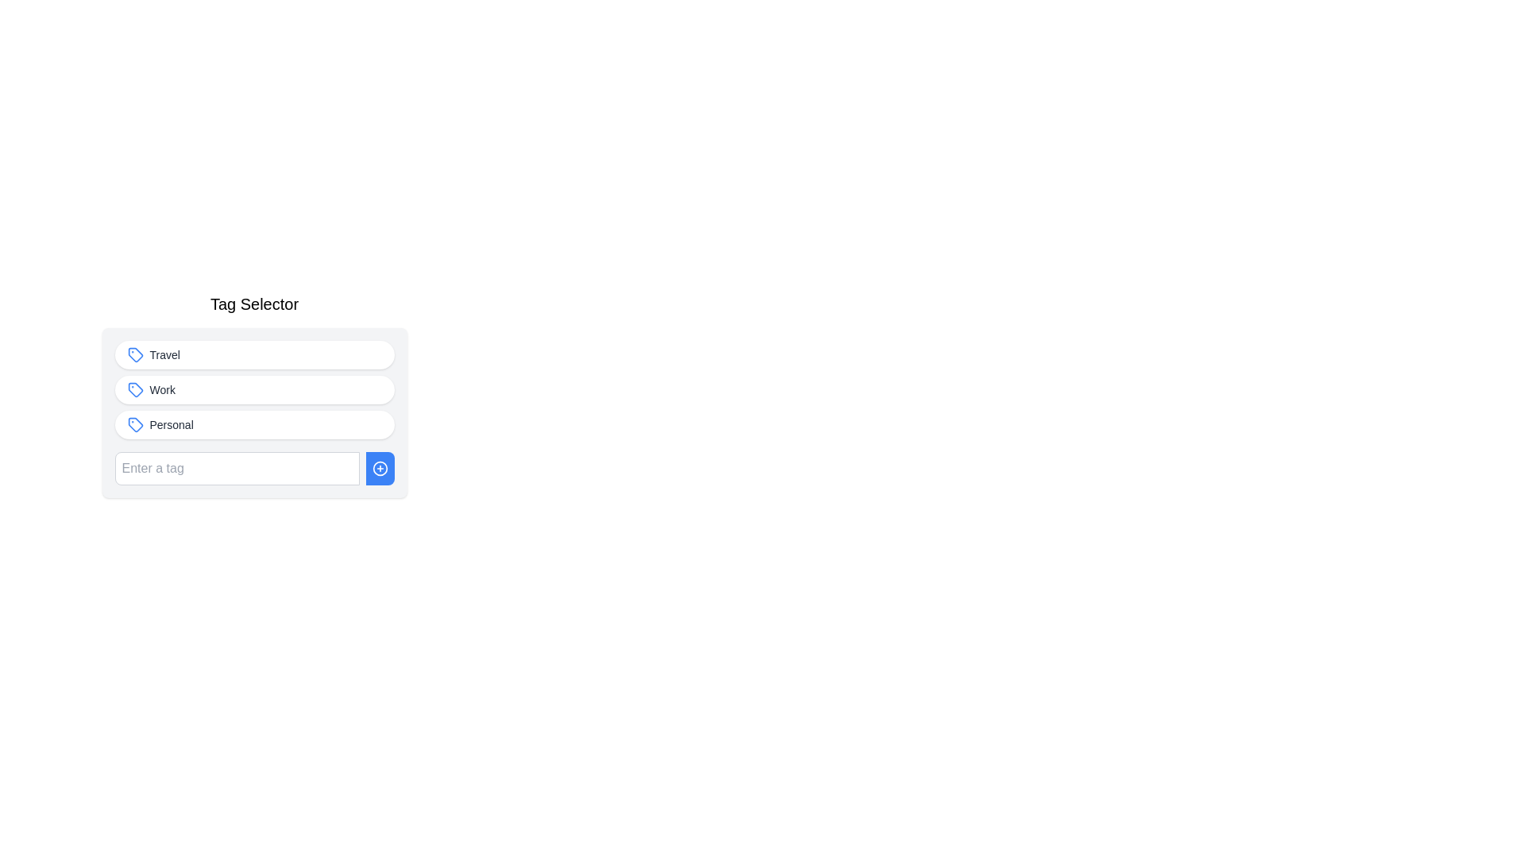 The height and width of the screenshot is (858, 1525). What do you see at coordinates (254, 424) in the screenshot?
I see `the selectable labeled badge representing the category 'Personal', which is the third item in a vertical stack of badges located below the 'Work' badge` at bounding box center [254, 424].